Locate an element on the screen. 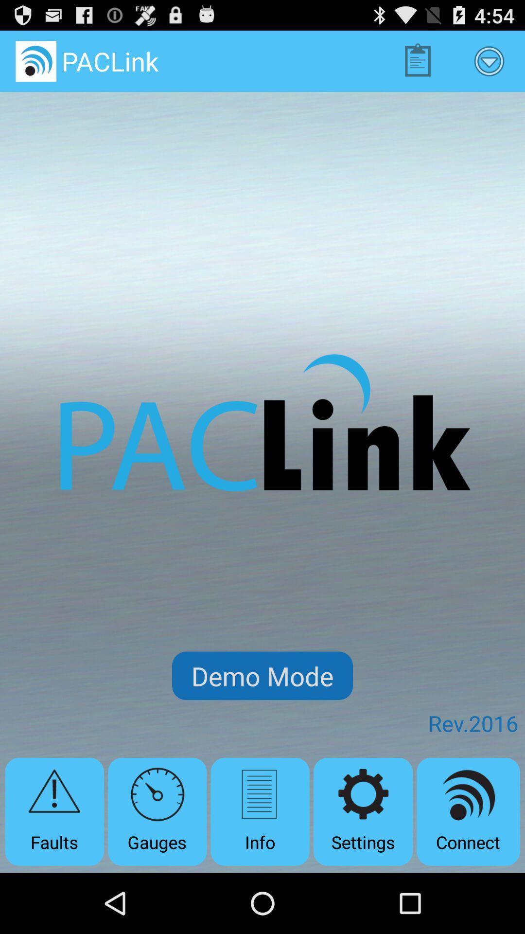  the settings icon is located at coordinates (363, 811).